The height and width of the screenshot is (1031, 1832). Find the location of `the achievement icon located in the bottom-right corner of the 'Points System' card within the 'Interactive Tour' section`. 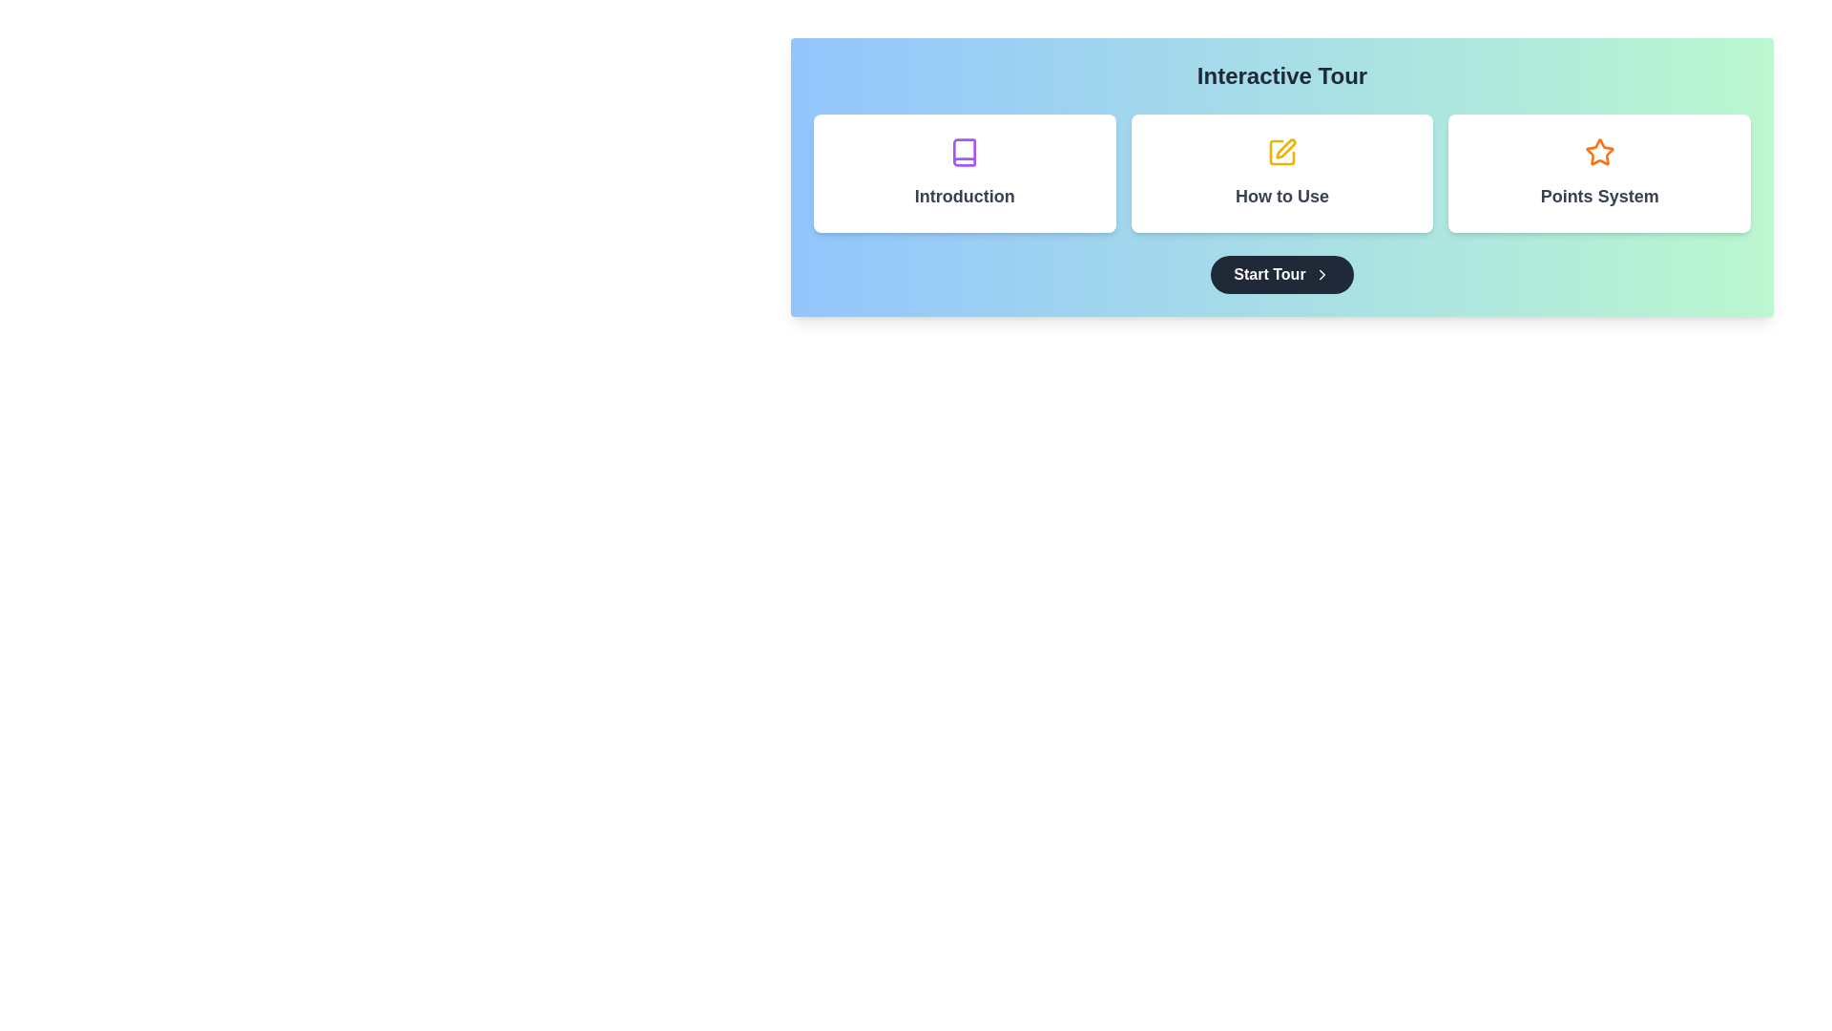

the achievement icon located in the bottom-right corner of the 'Points System' card within the 'Interactive Tour' section is located at coordinates (1599, 151).